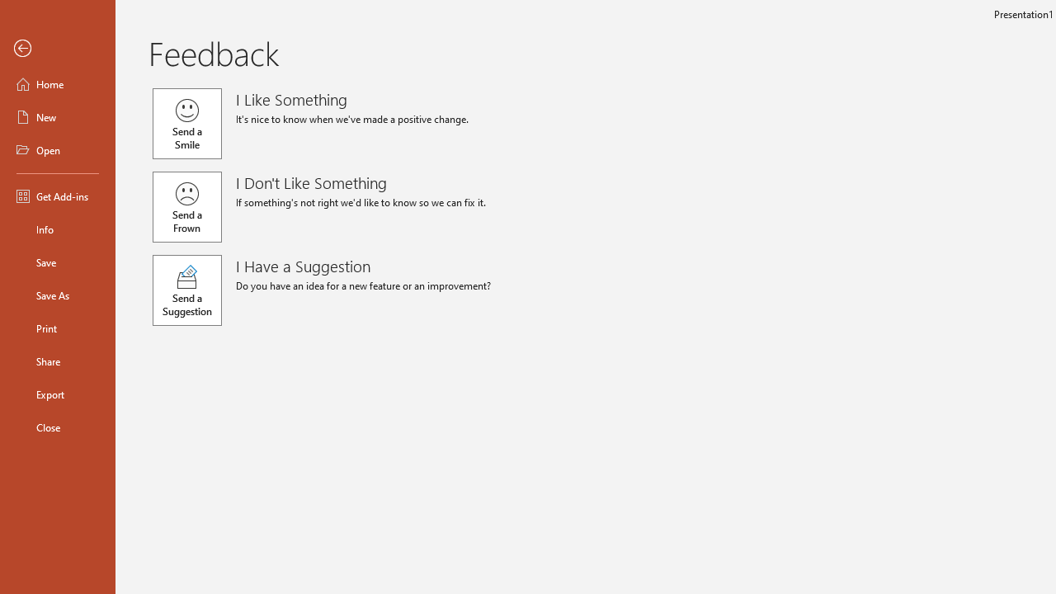 The width and height of the screenshot is (1056, 594). I want to click on 'Open', so click(57, 150).